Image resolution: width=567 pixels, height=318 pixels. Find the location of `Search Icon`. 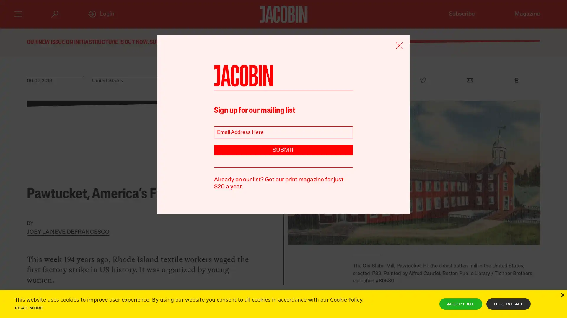

Search Icon is located at coordinates (55, 14).